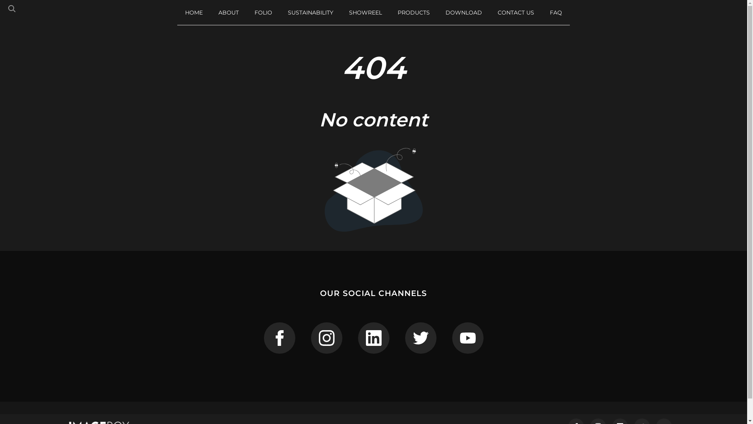  Describe the element at coordinates (263, 13) in the screenshot. I see `'FOLIO'` at that location.